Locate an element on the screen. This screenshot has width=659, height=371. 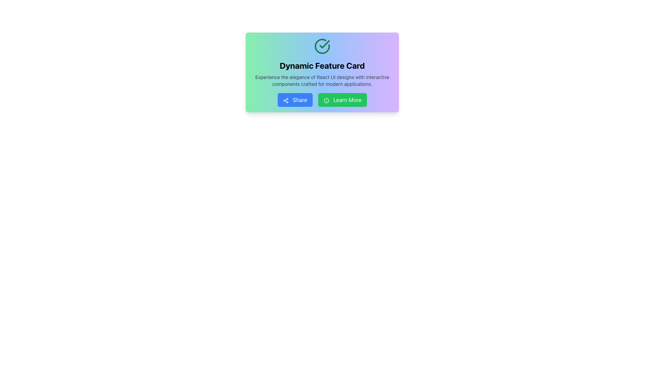
the small circular information icon with a faint green tint located to the left of the 'Learn More' text in the green button at the lower right area of the vibrant card interface is located at coordinates (326, 100).